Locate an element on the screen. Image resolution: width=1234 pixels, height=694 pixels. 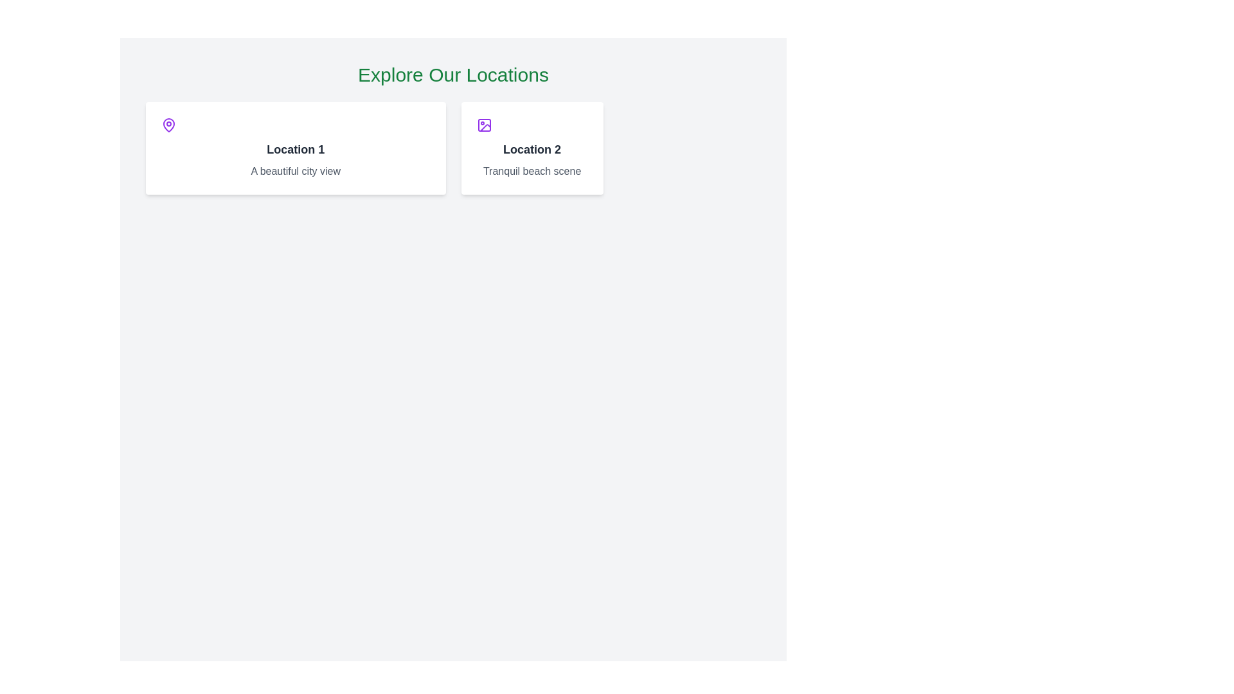
text label that describes 'Location 2' as a 'Tranquil beach scene', located below the title within the card component for 'Location 2' is located at coordinates (532, 170).